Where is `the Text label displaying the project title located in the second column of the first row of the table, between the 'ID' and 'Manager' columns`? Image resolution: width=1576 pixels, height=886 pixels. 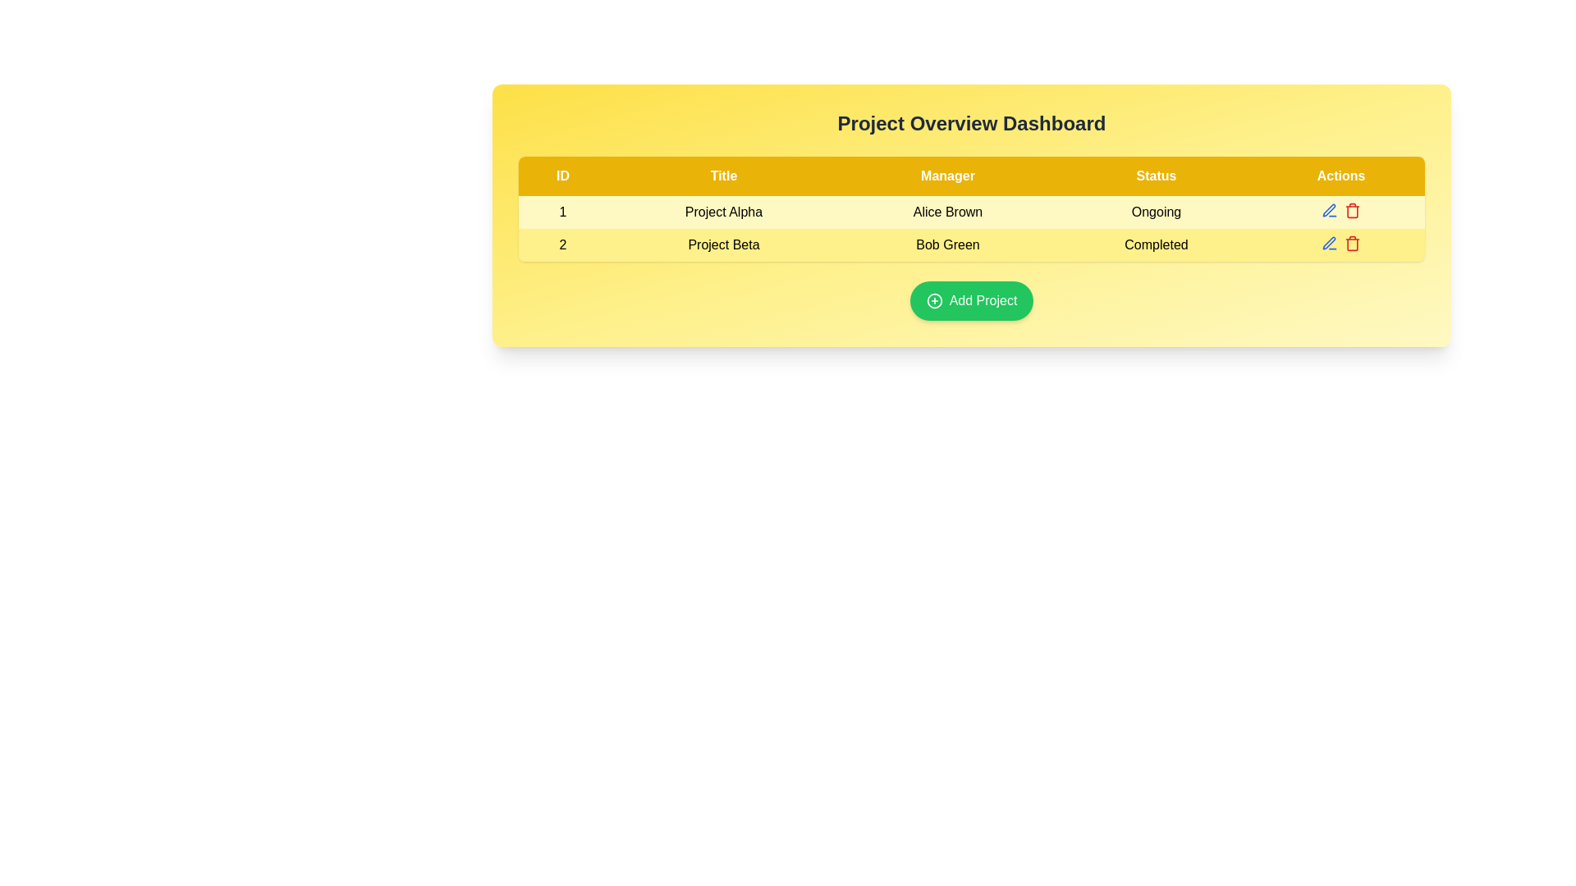 the Text label displaying the project title located in the second column of the first row of the table, between the 'ID' and 'Manager' columns is located at coordinates (723, 211).